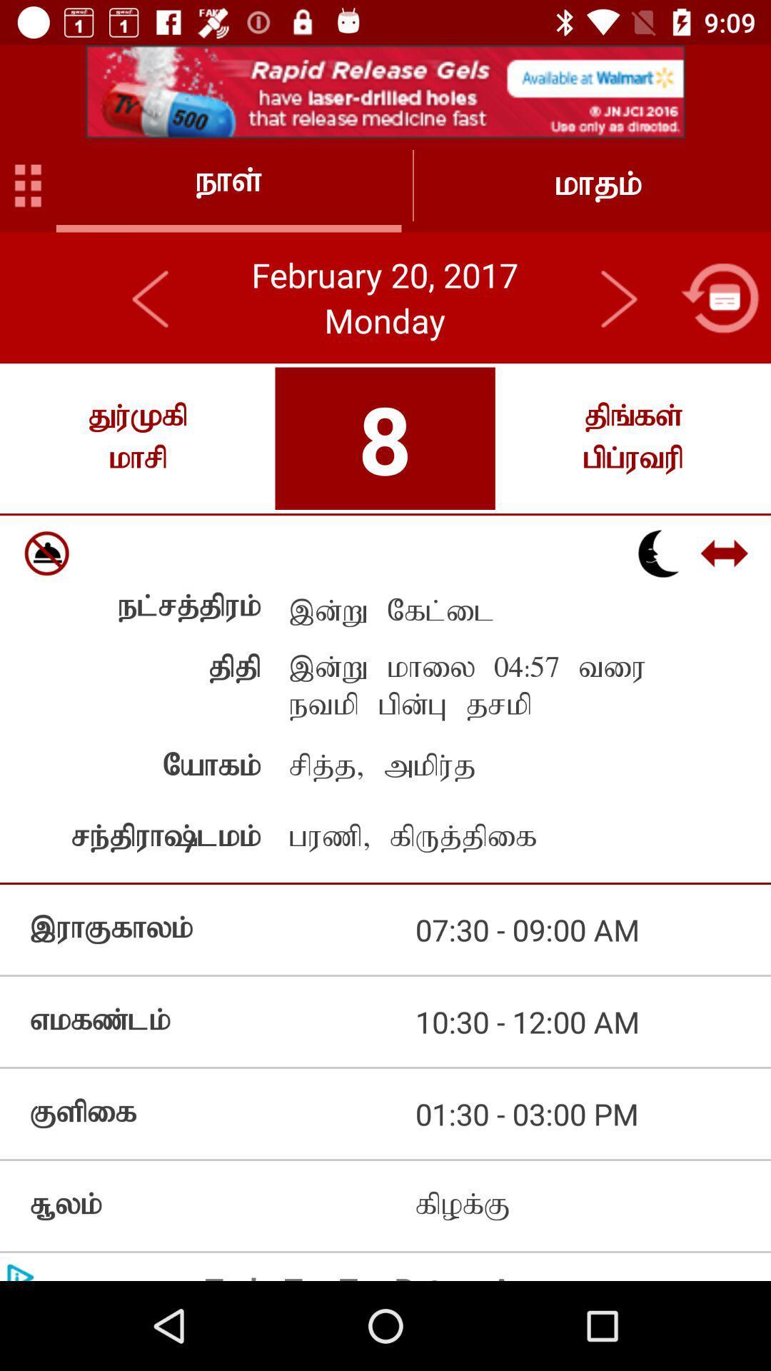 This screenshot has width=771, height=1371. I want to click on click on go back arrow, so click(151, 297).